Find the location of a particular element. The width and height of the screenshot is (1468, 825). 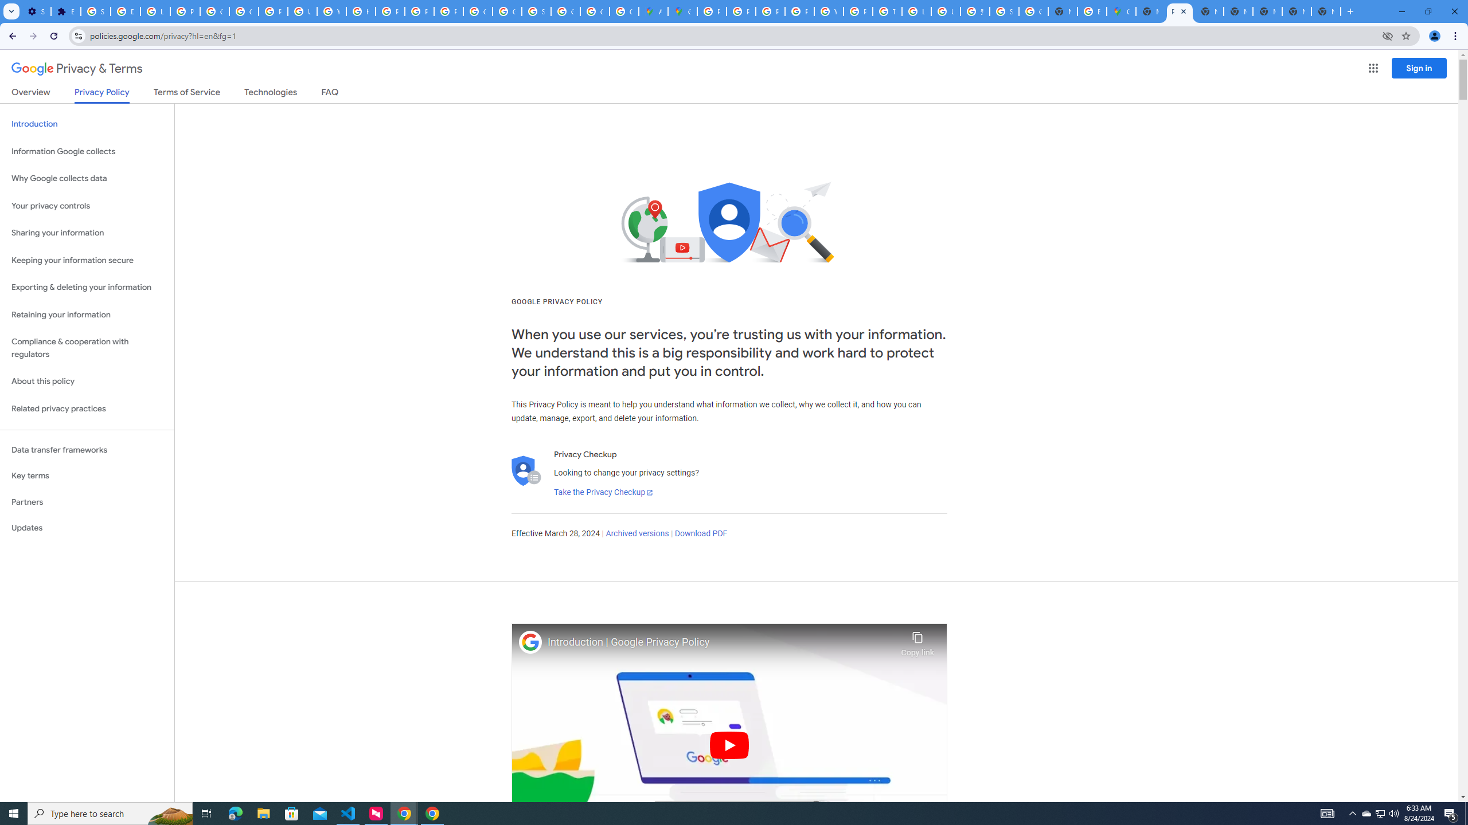

'New Tab' is located at coordinates (1325, 11).